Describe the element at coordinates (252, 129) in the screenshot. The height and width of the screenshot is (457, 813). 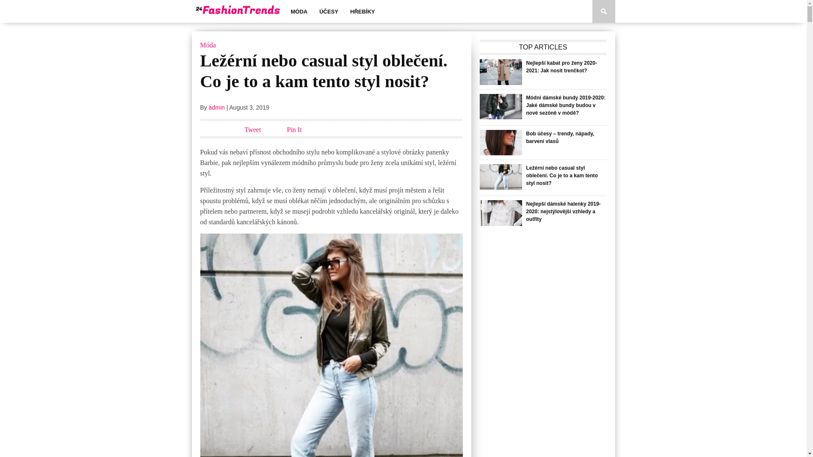
I see `'Tweet'` at that location.